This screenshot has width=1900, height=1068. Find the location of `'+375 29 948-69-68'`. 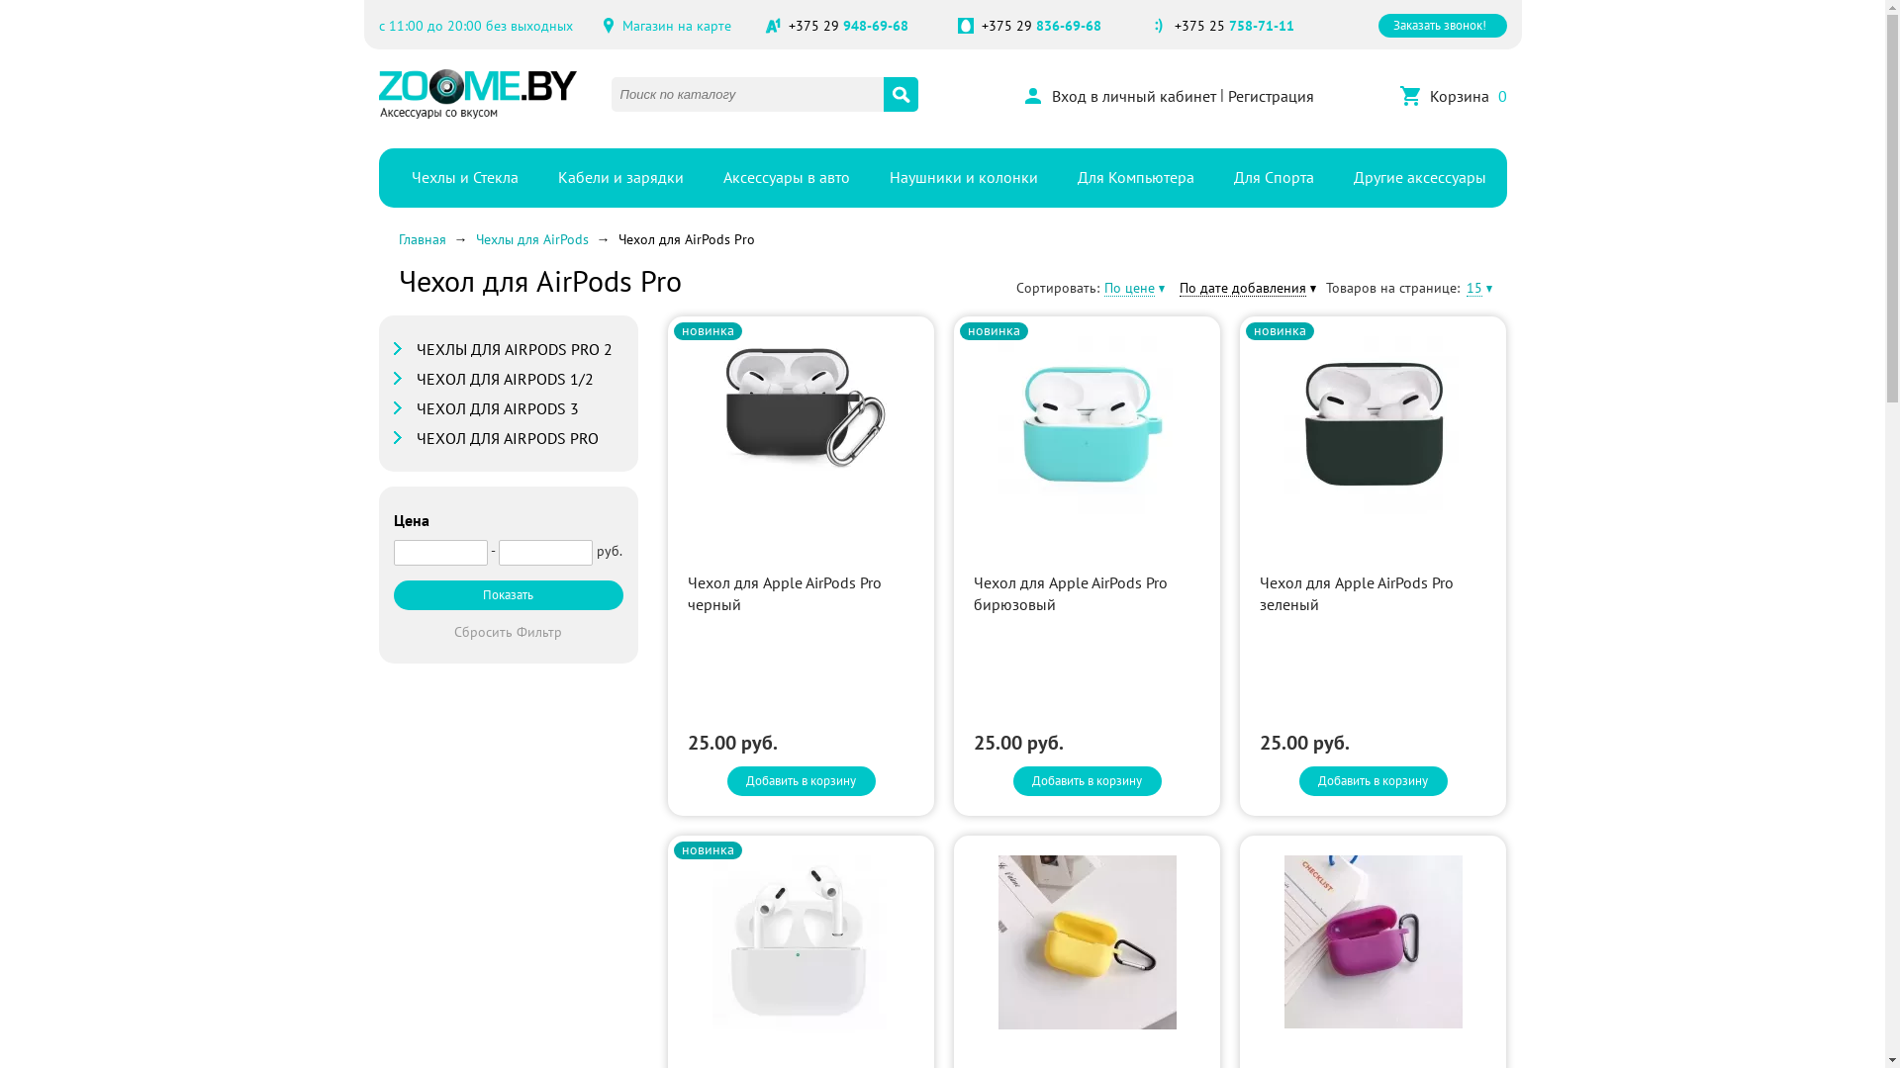

'+375 29 948-69-68' is located at coordinates (847, 26).